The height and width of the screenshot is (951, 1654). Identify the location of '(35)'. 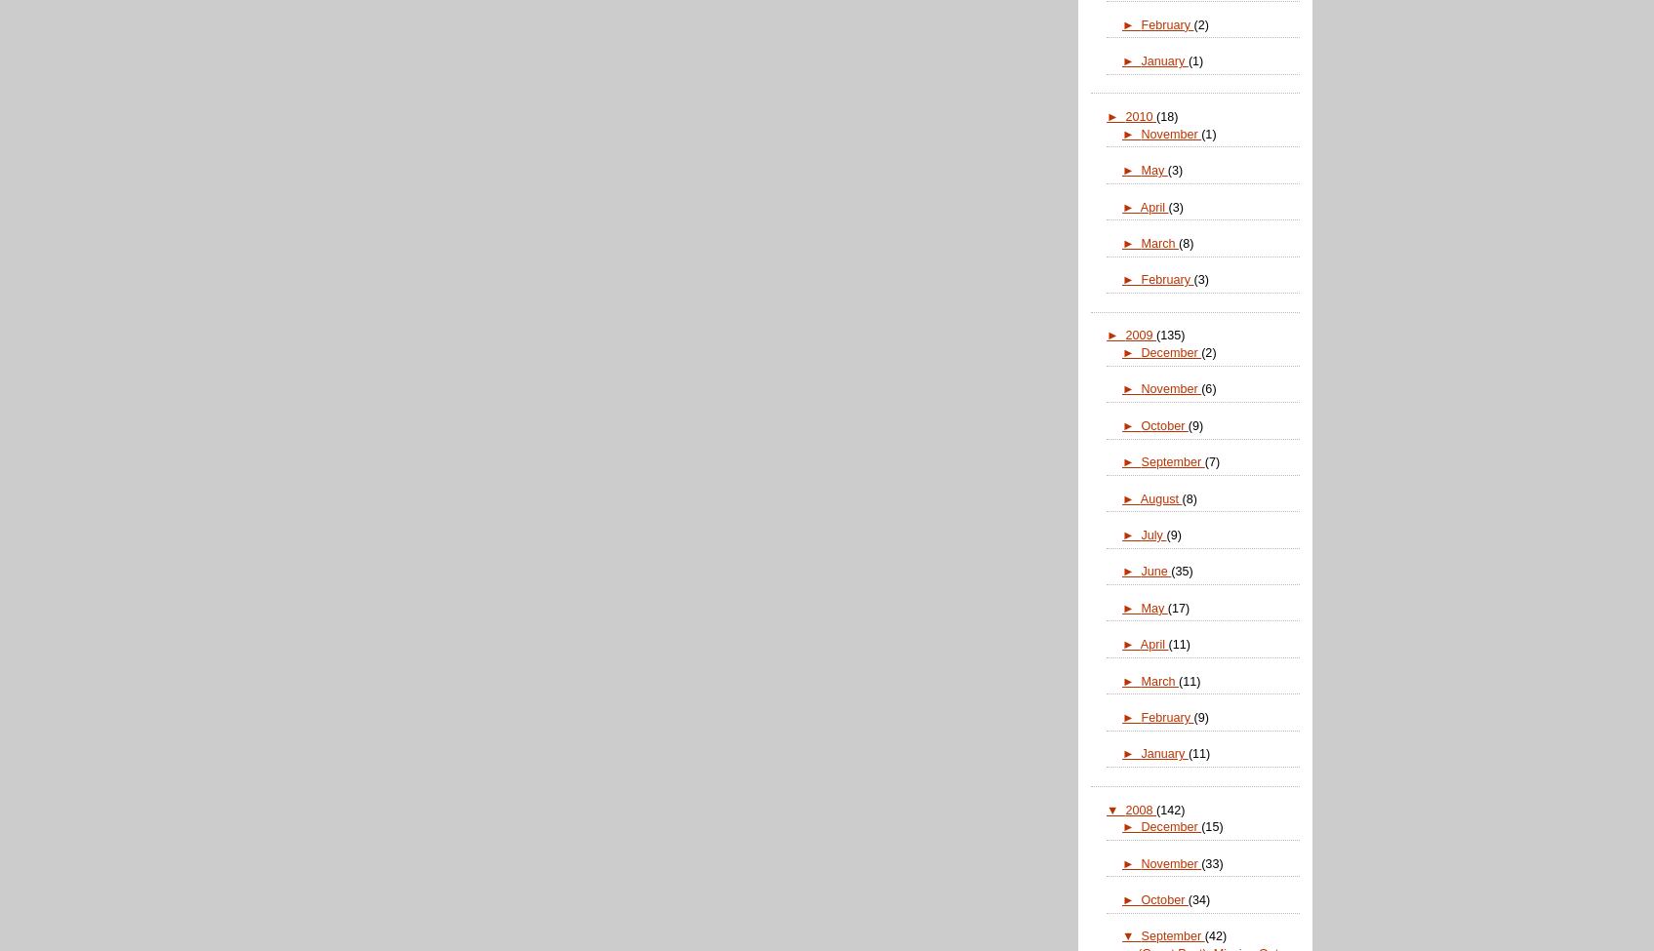
(1182, 571).